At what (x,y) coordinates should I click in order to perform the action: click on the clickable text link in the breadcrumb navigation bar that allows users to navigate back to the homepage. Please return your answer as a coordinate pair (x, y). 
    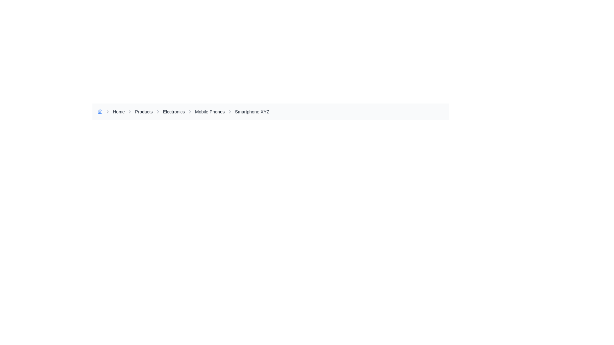
    Looking at the image, I should click on (119, 111).